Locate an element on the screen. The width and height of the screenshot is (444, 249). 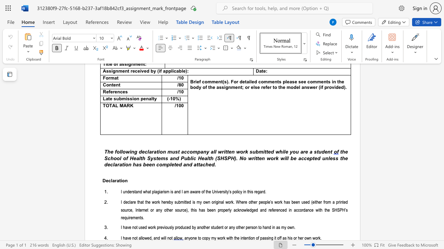
the 1th character "h" in the text is located at coordinates (326, 210).